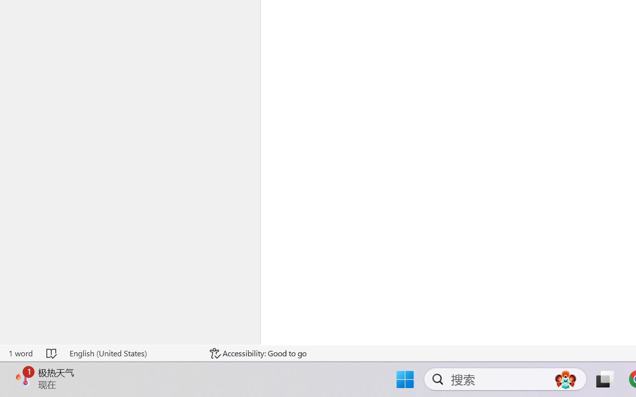  I want to click on 'Language English (United States)', so click(132, 353).